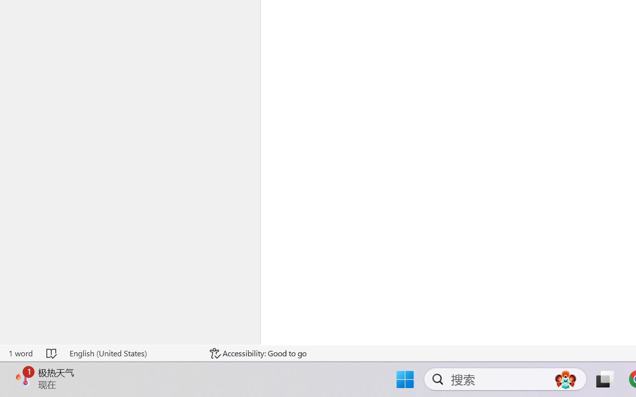  I want to click on 'Language English (United States)', so click(132, 353).